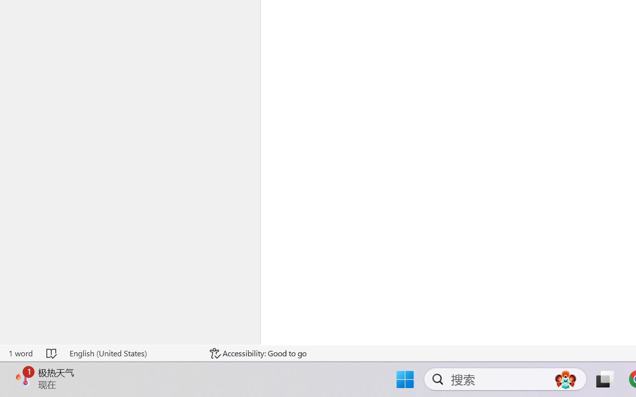  I want to click on 'Language English (United States)', so click(132, 353).